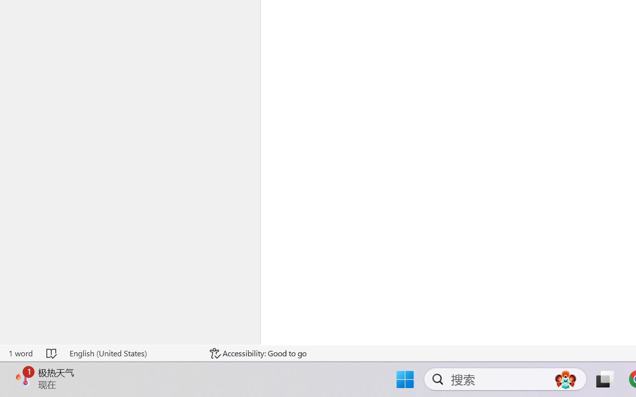  I want to click on 'Language English (United States)', so click(132, 353).